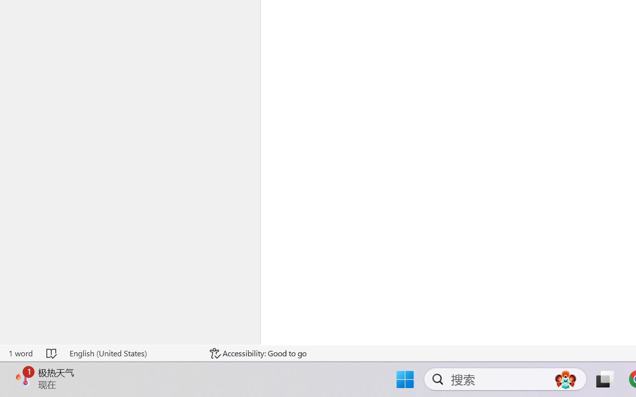  I want to click on 'Language English (United States)', so click(132, 353).